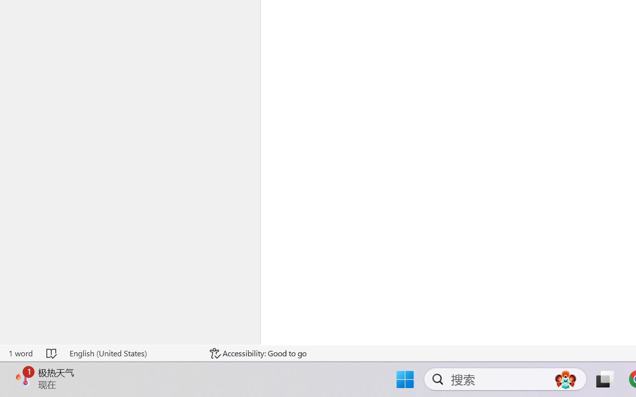  I want to click on 'Language English (United States)', so click(132, 353).